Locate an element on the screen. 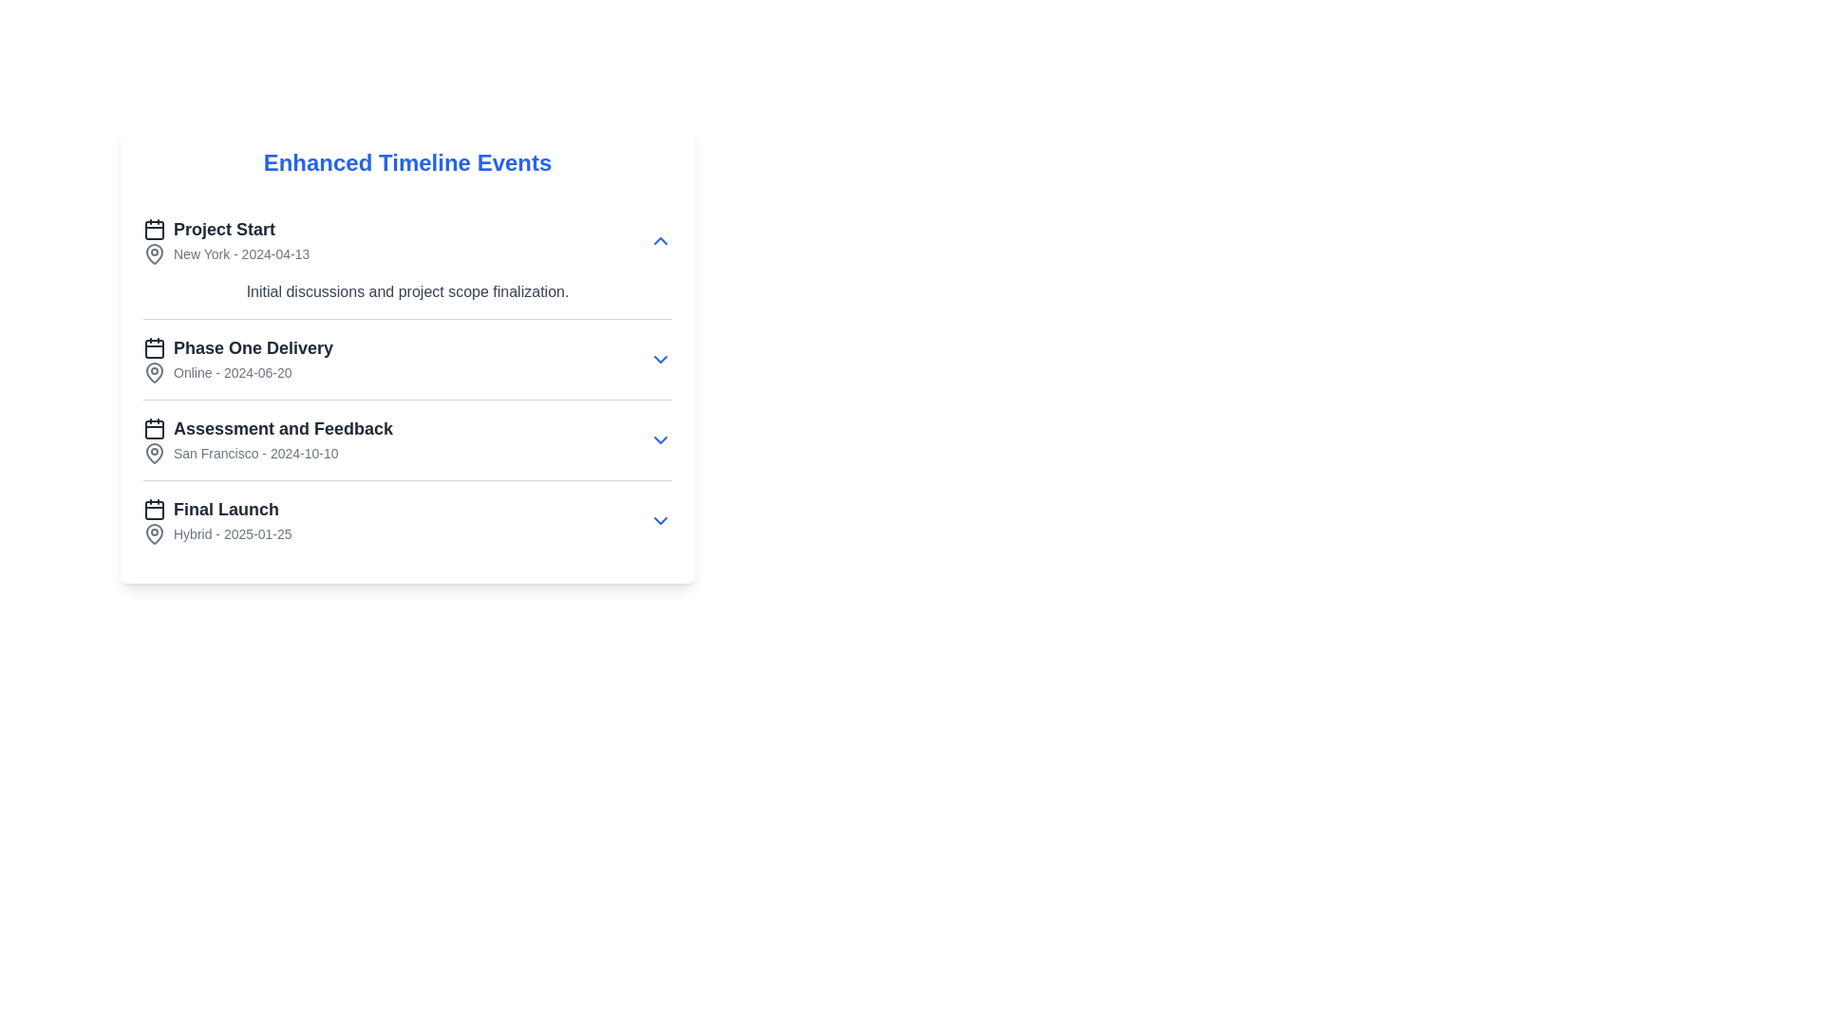 This screenshot has width=1823, height=1025. the second timeline entry within the 'Enhanced Timeline Events' section is located at coordinates (406, 381).